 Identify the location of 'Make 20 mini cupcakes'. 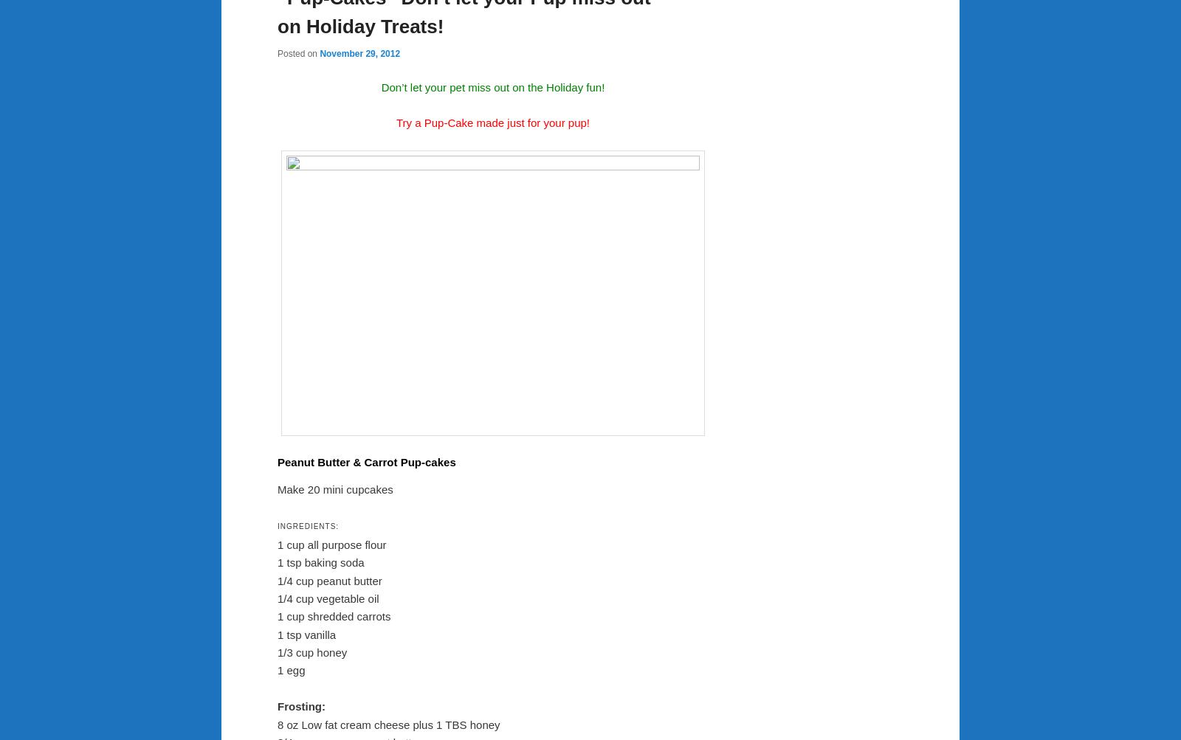
(334, 489).